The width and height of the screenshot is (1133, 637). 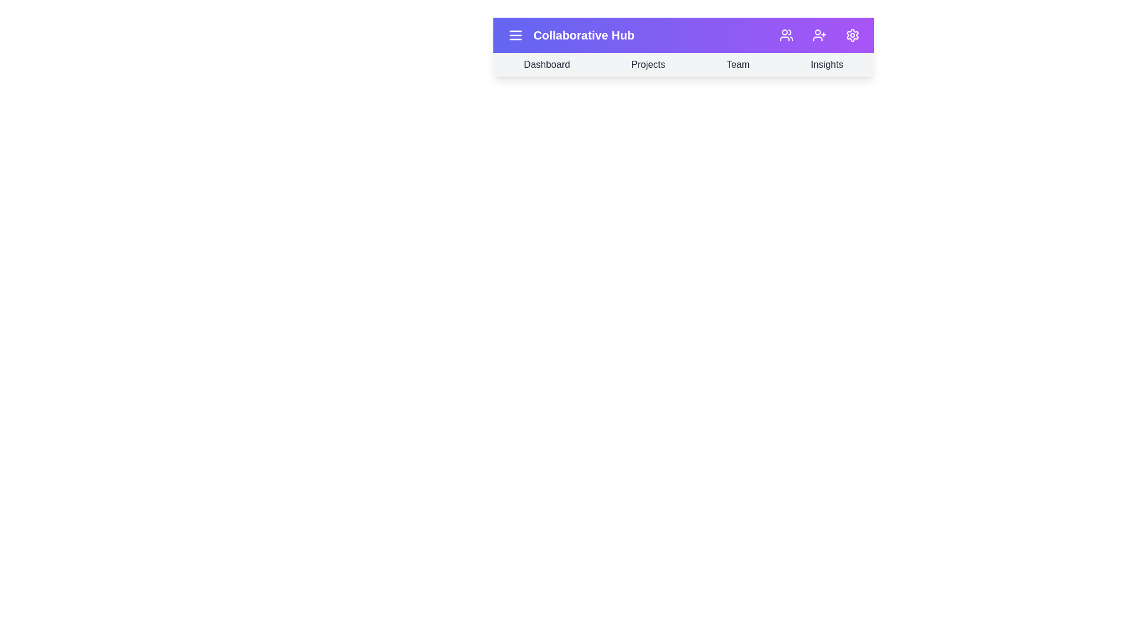 I want to click on the menu icon to toggle the menu visibility, so click(x=515, y=35).